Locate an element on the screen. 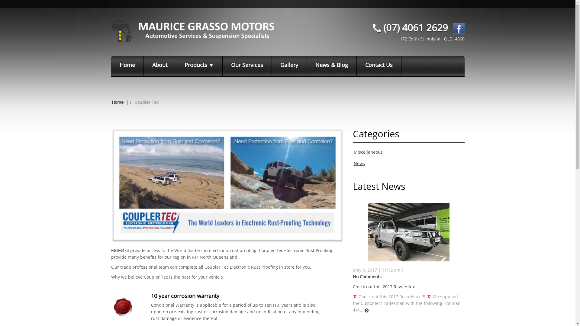 Image resolution: width=580 pixels, height=326 pixels. 'MGM4x4' is located at coordinates (111, 250).